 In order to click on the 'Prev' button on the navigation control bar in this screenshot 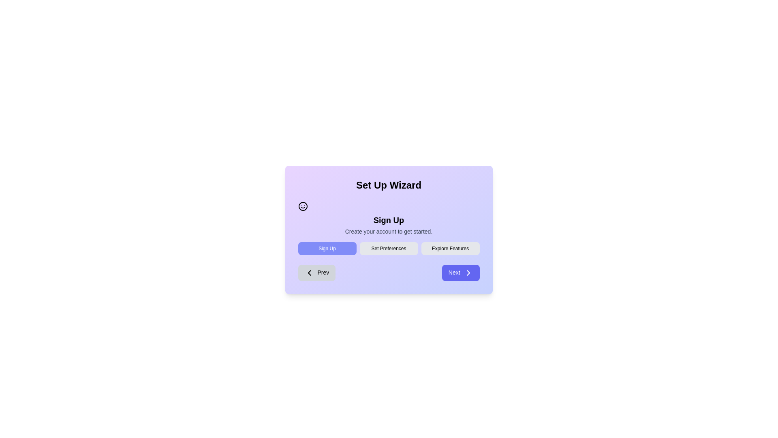, I will do `click(388, 273)`.